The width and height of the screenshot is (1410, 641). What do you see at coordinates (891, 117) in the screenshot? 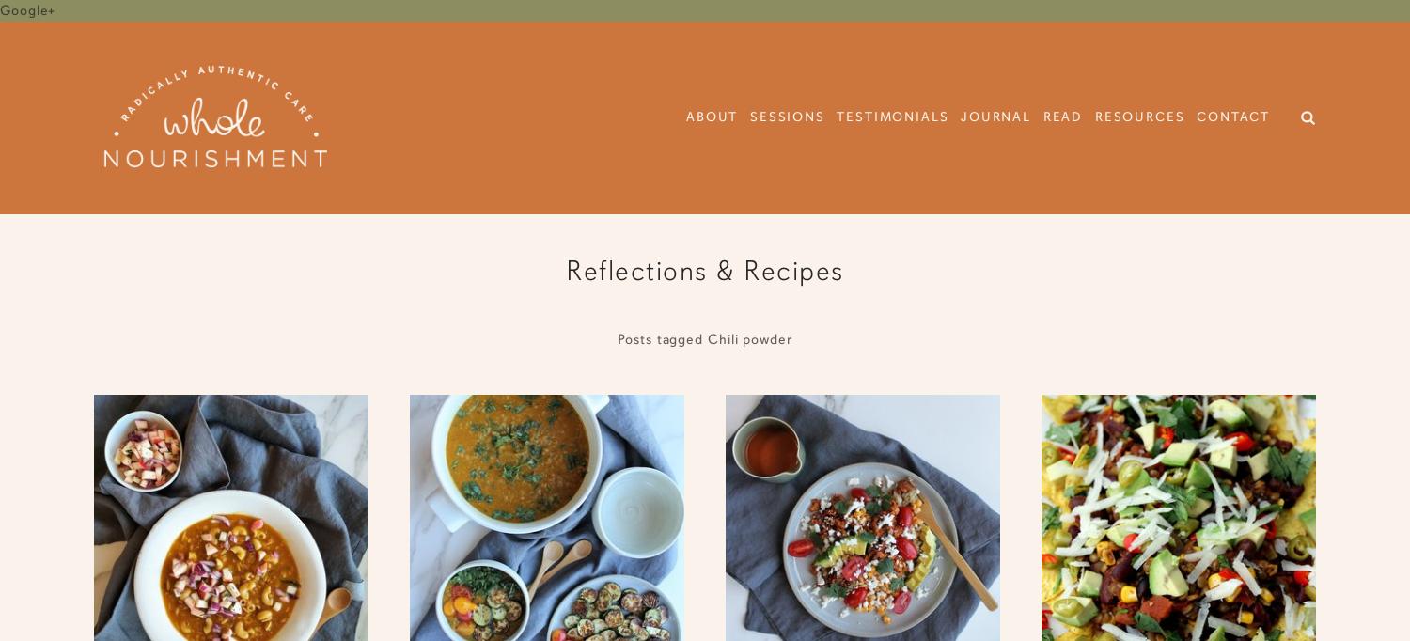
I see `'Testimonials'` at bounding box center [891, 117].